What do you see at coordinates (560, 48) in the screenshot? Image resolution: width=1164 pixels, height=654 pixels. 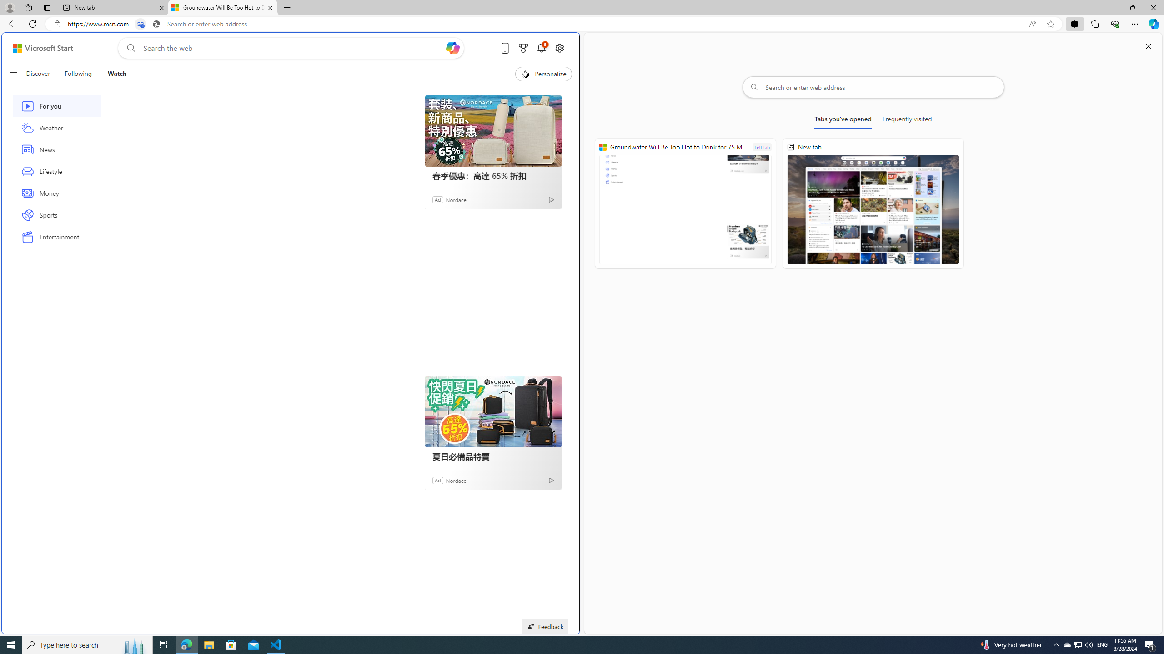 I see `'Open settings'` at bounding box center [560, 48].